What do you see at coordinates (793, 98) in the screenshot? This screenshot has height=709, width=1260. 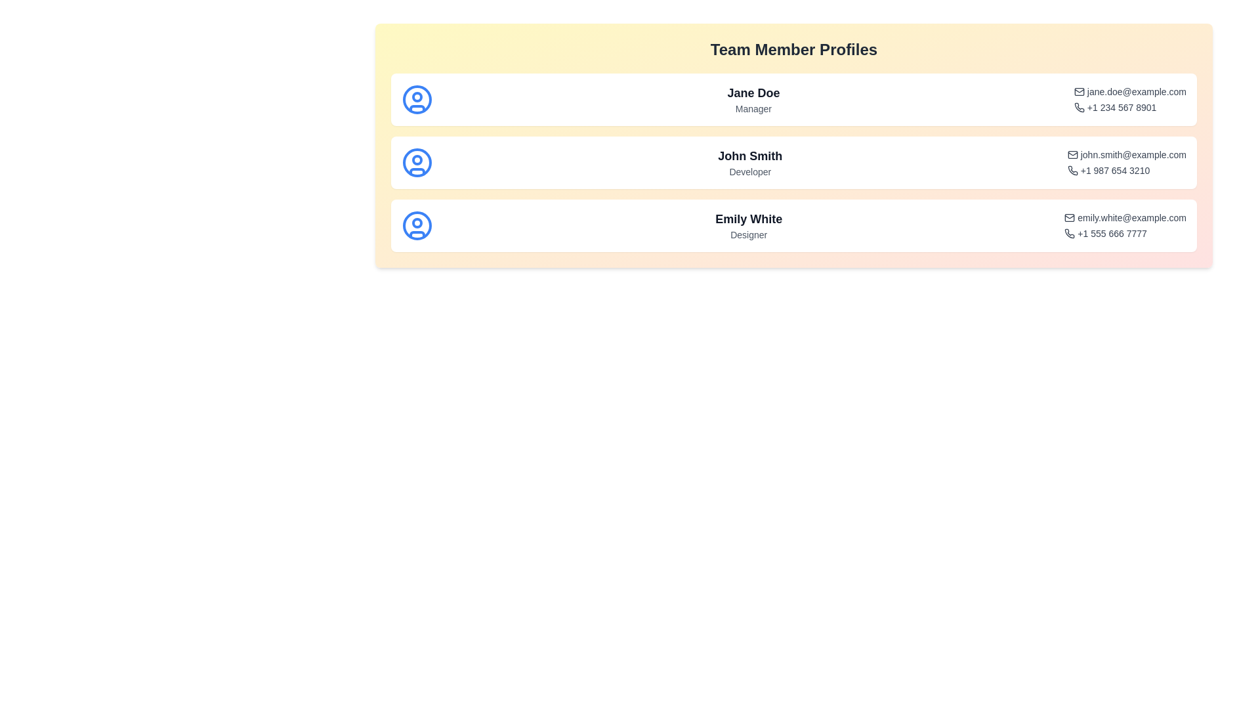 I see `the profile entry corresponding to Jane Doe` at bounding box center [793, 98].